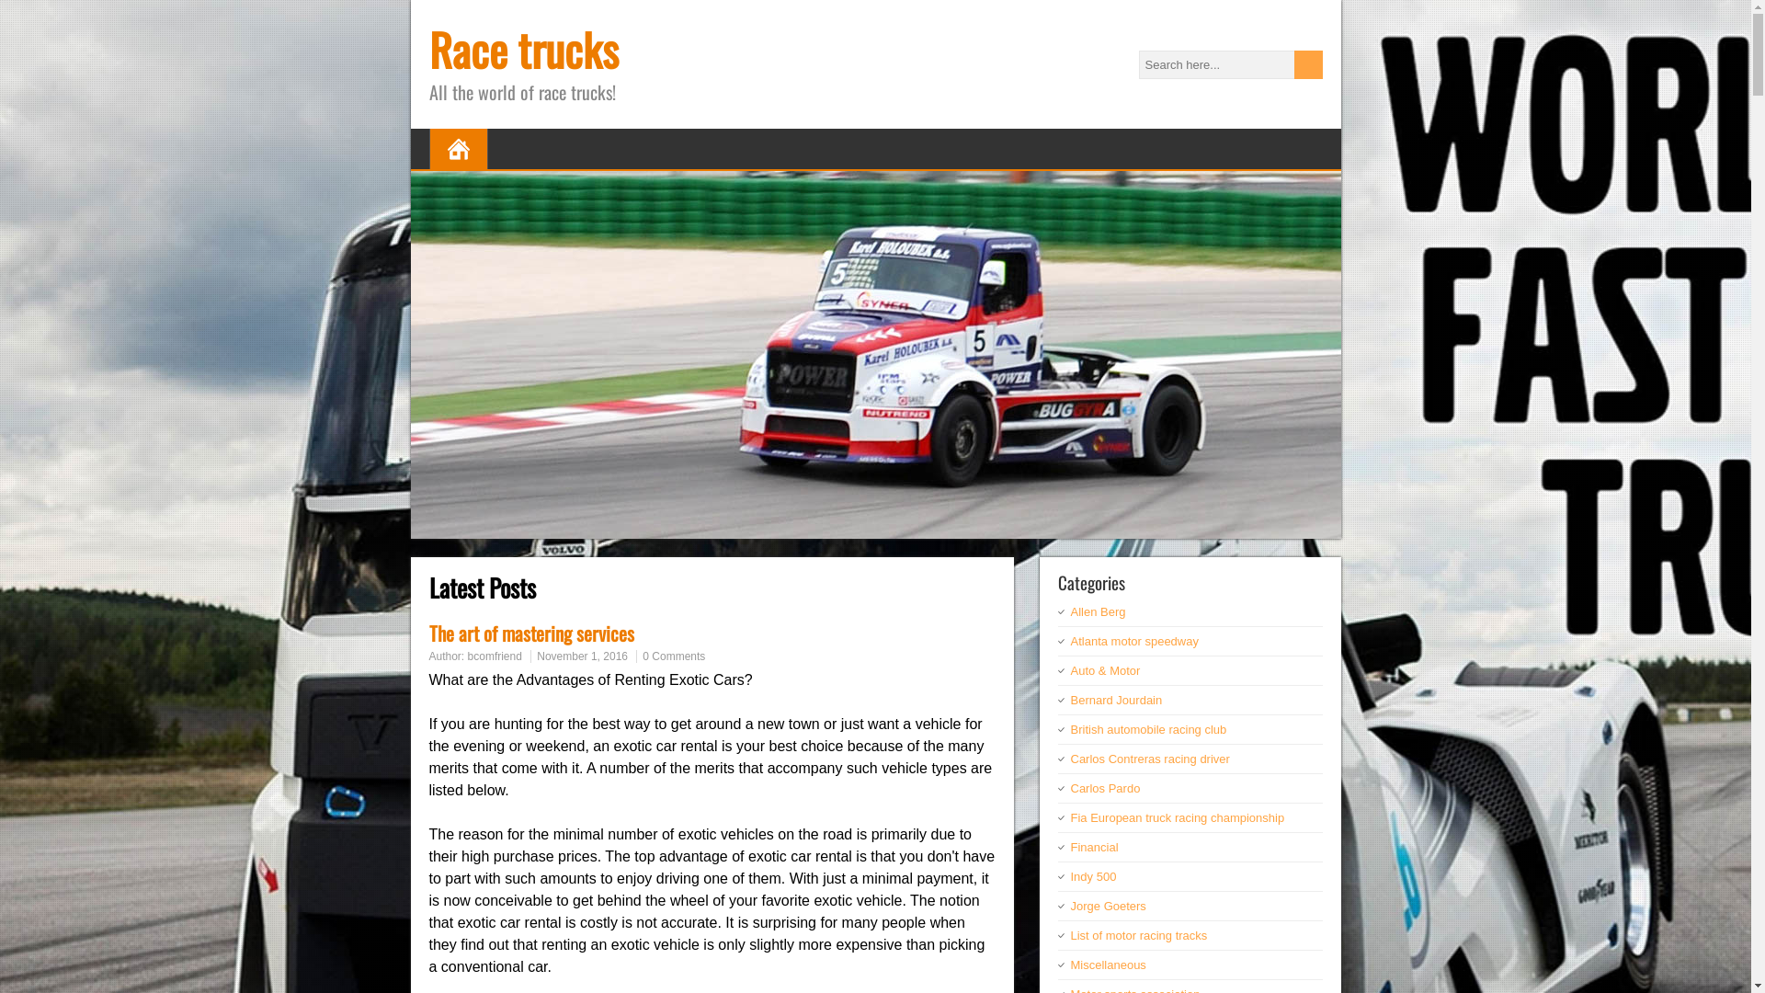  Describe the element at coordinates (673, 655) in the screenshot. I see `'0 Comments'` at that location.